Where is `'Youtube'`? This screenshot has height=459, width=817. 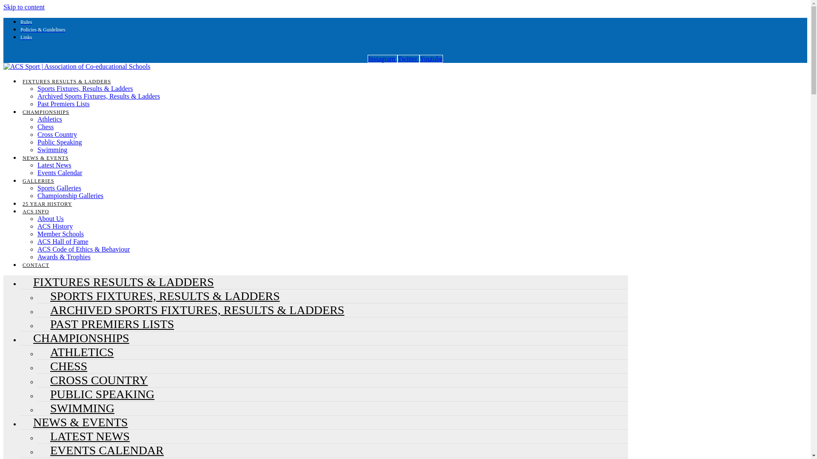
'Youtube' is located at coordinates (431, 58).